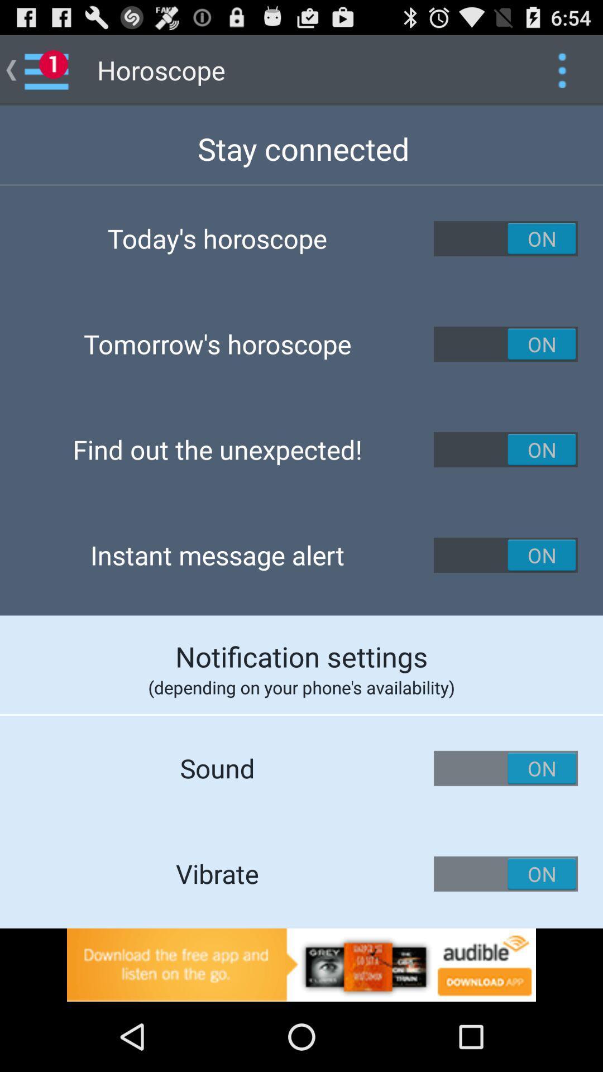 This screenshot has height=1072, width=603. Describe the element at coordinates (301, 964) in the screenshot. I see `advertisement` at that location.